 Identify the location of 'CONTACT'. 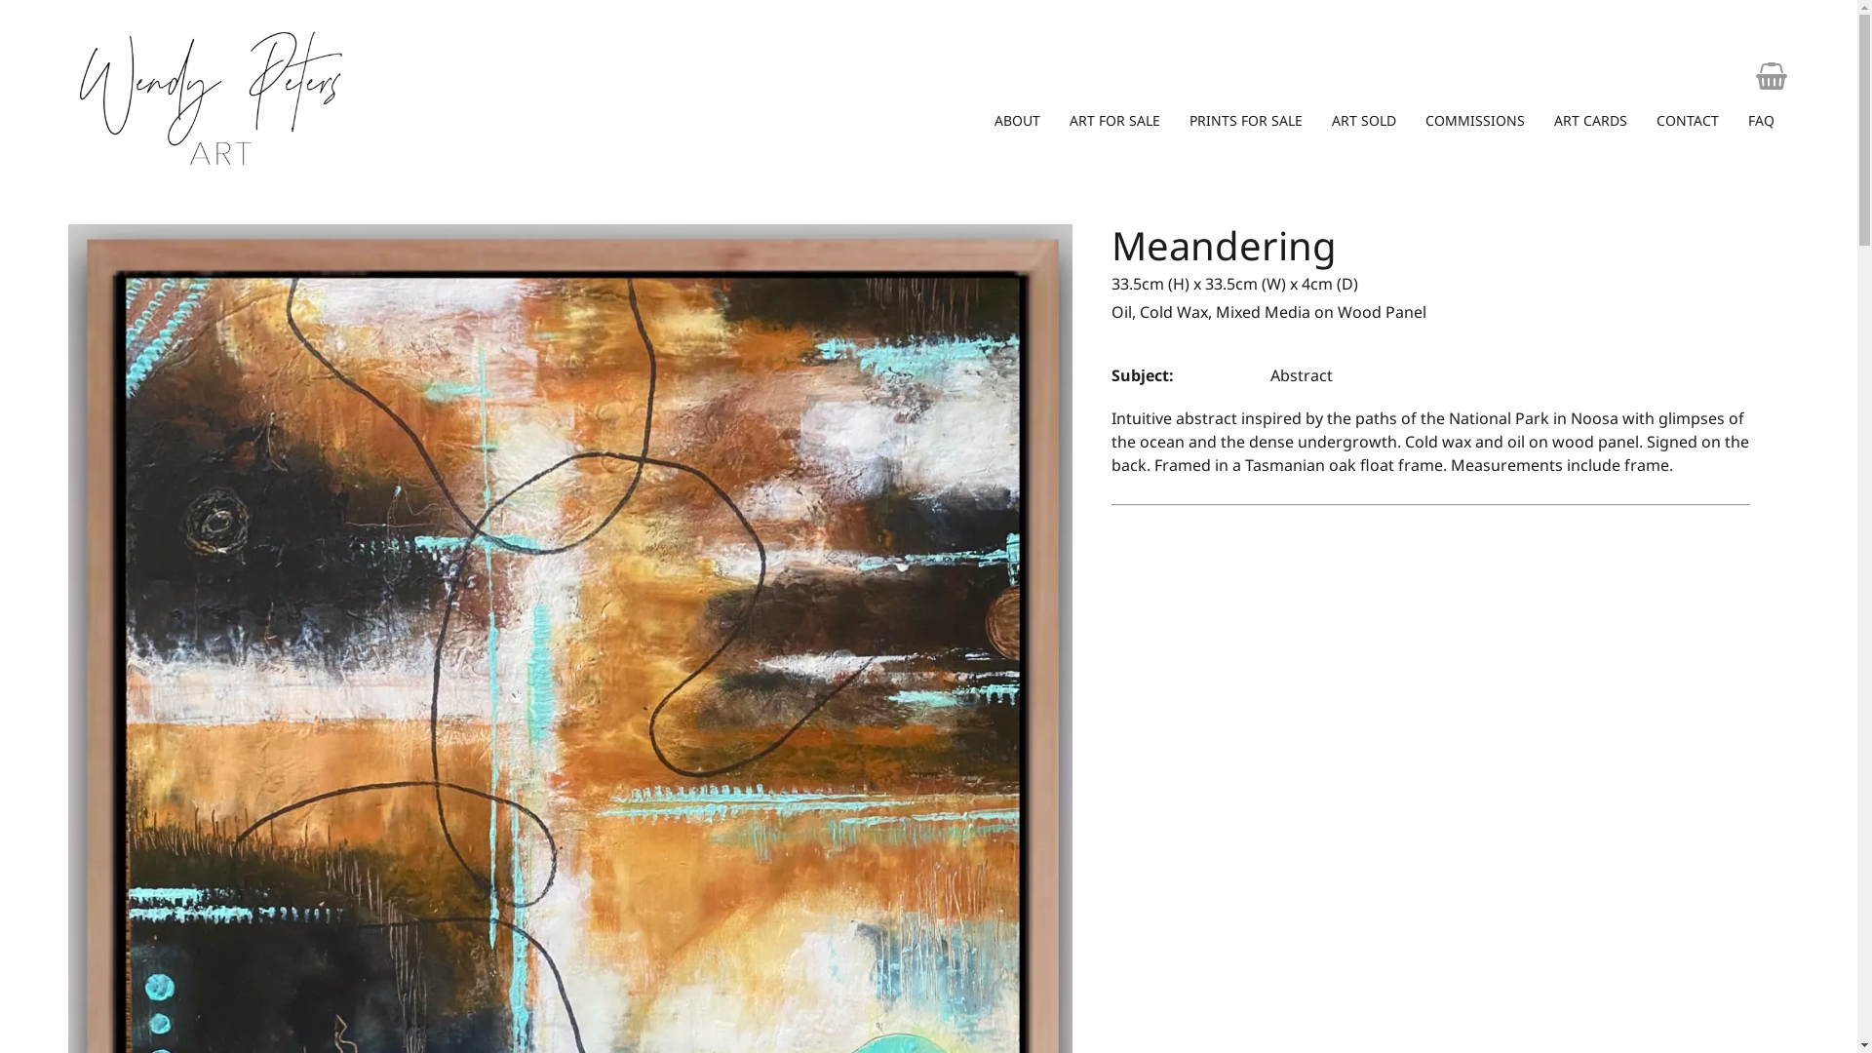
(1687, 120).